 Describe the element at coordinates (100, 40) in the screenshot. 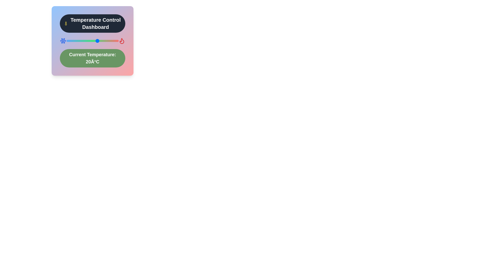

I see `the temperature slider to set the temperature to 22 degrees` at that location.